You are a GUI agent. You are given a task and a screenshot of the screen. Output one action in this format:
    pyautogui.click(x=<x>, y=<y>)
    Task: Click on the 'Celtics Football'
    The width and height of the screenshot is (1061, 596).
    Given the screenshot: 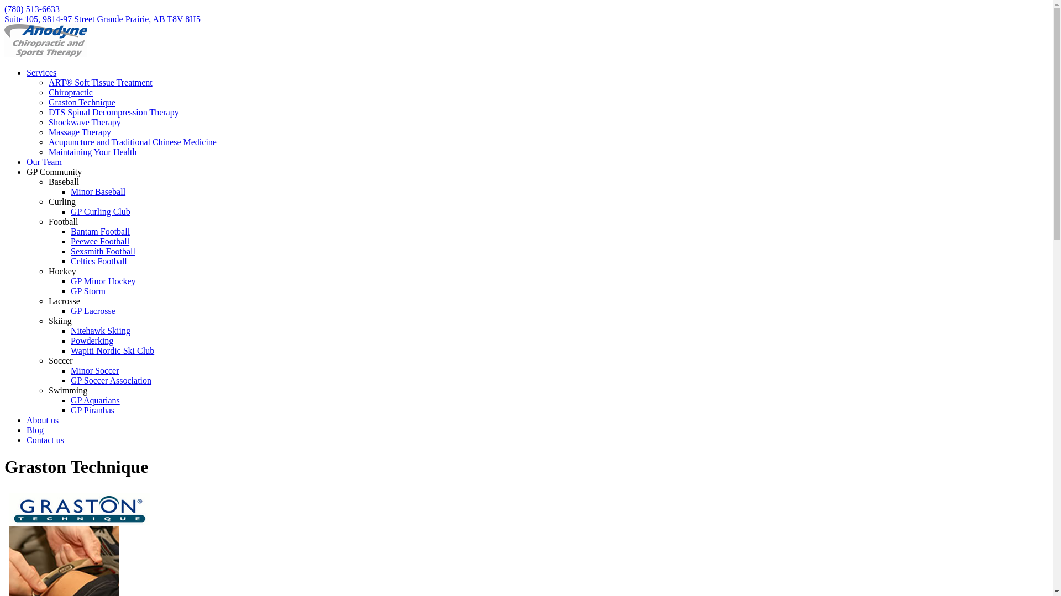 What is the action you would take?
    pyautogui.click(x=98, y=261)
    